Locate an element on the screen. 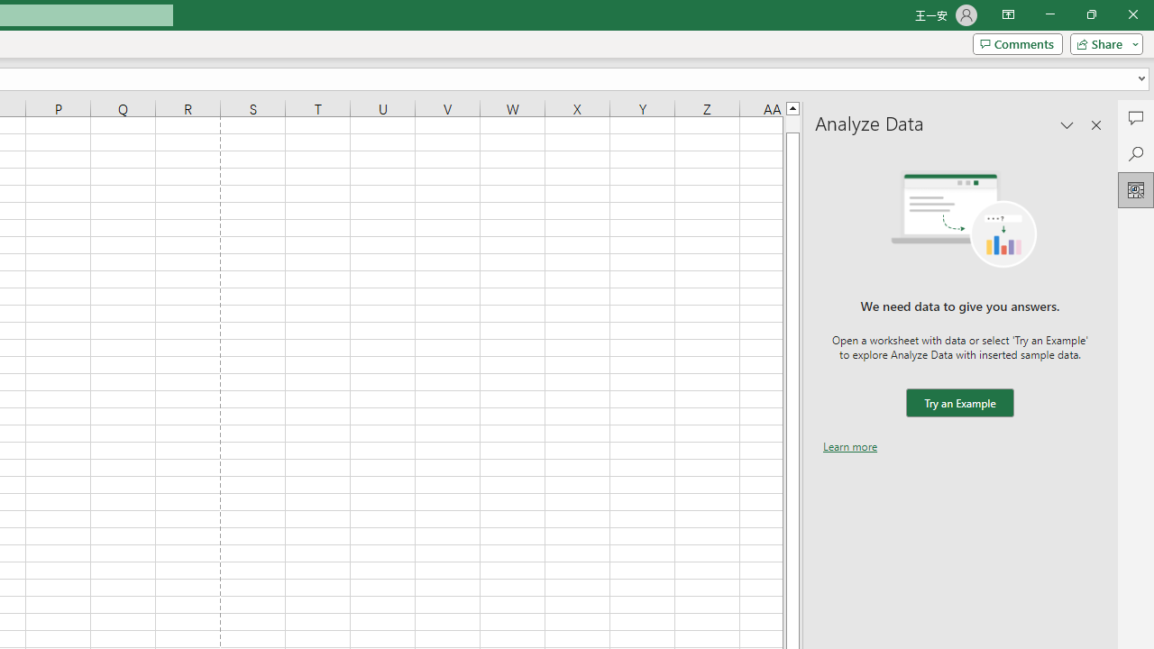 The width and height of the screenshot is (1154, 649). 'We need data to give you answers. Try an Example' is located at coordinates (958, 402).